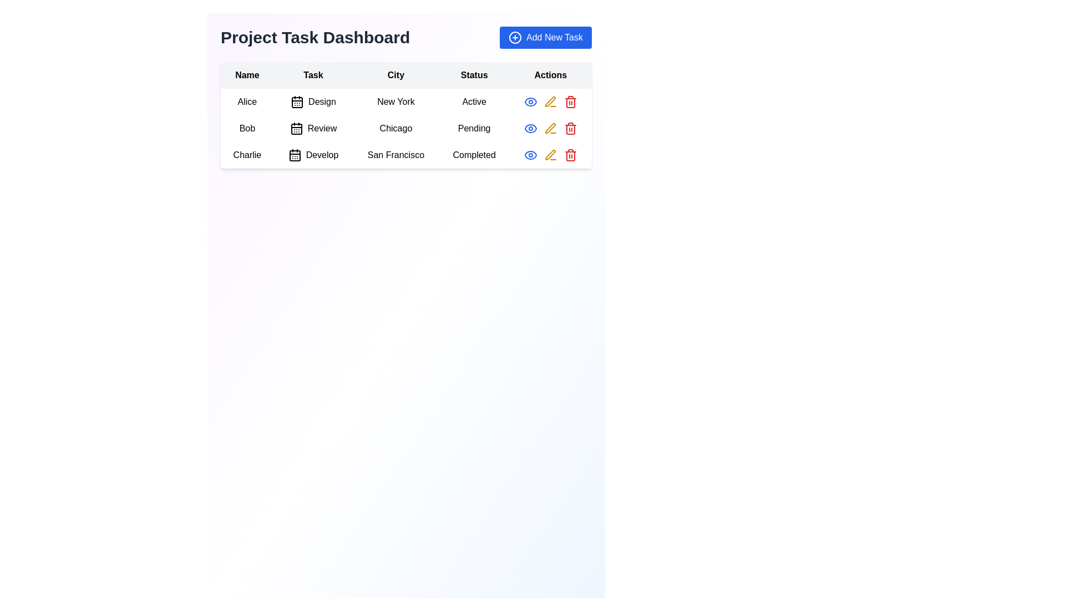 This screenshot has height=599, width=1065. I want to click on the calendar icon located in the second row under the 'Task' column, which serves as a visual identifier for the task's timeline or schedule, to interact with adjacent elements, so click(296, 128).